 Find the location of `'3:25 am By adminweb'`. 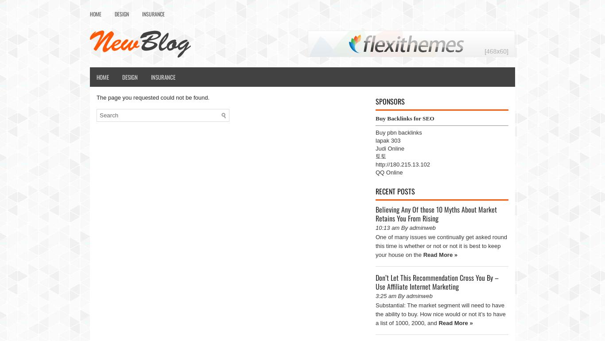

'3:25 am By adminweb' is located at coordinates (403, 296).